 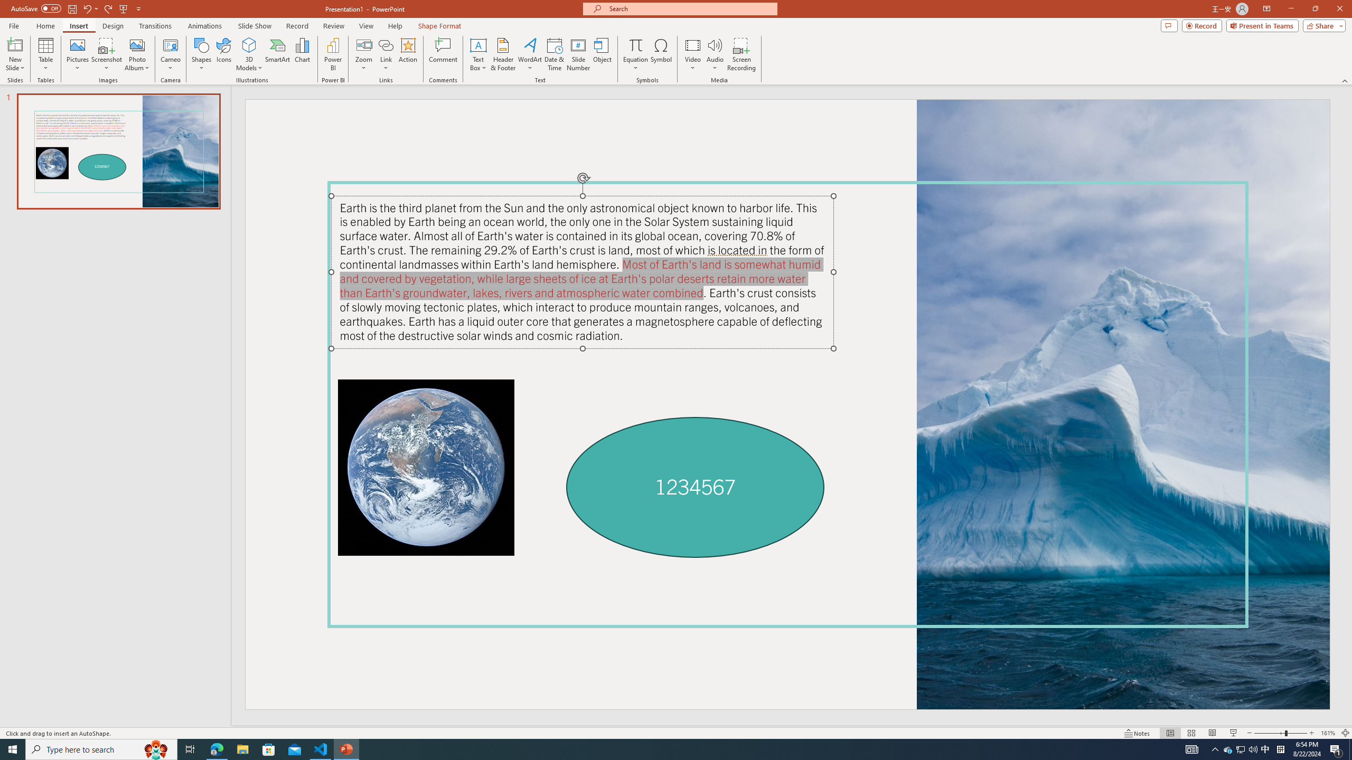 I want to click on 'Screen Recording...', so click(x=741, y=54).